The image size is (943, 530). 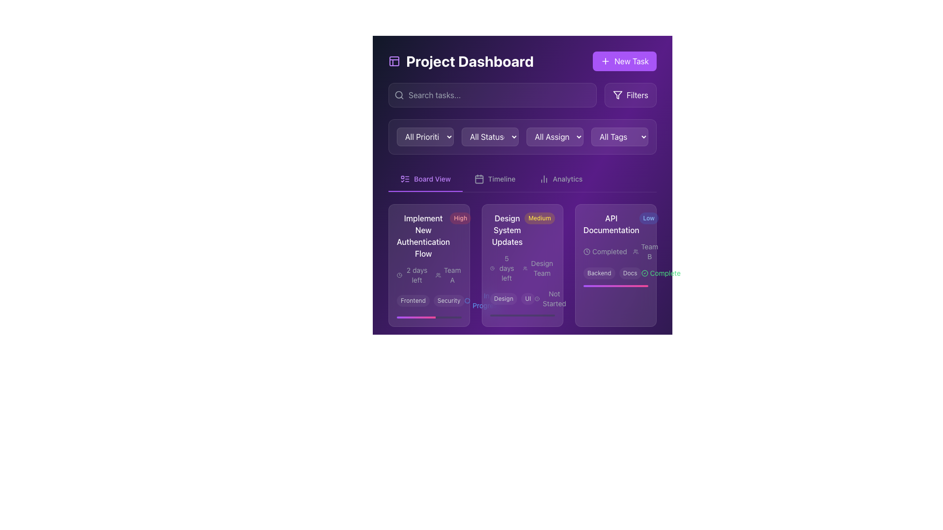 I want to click on the Navigation Button with Icon and Text that switches to the 'Timeline' view, located in the navigation bar between 'Board View' and 'Analytics', so click(x=495, y=179).